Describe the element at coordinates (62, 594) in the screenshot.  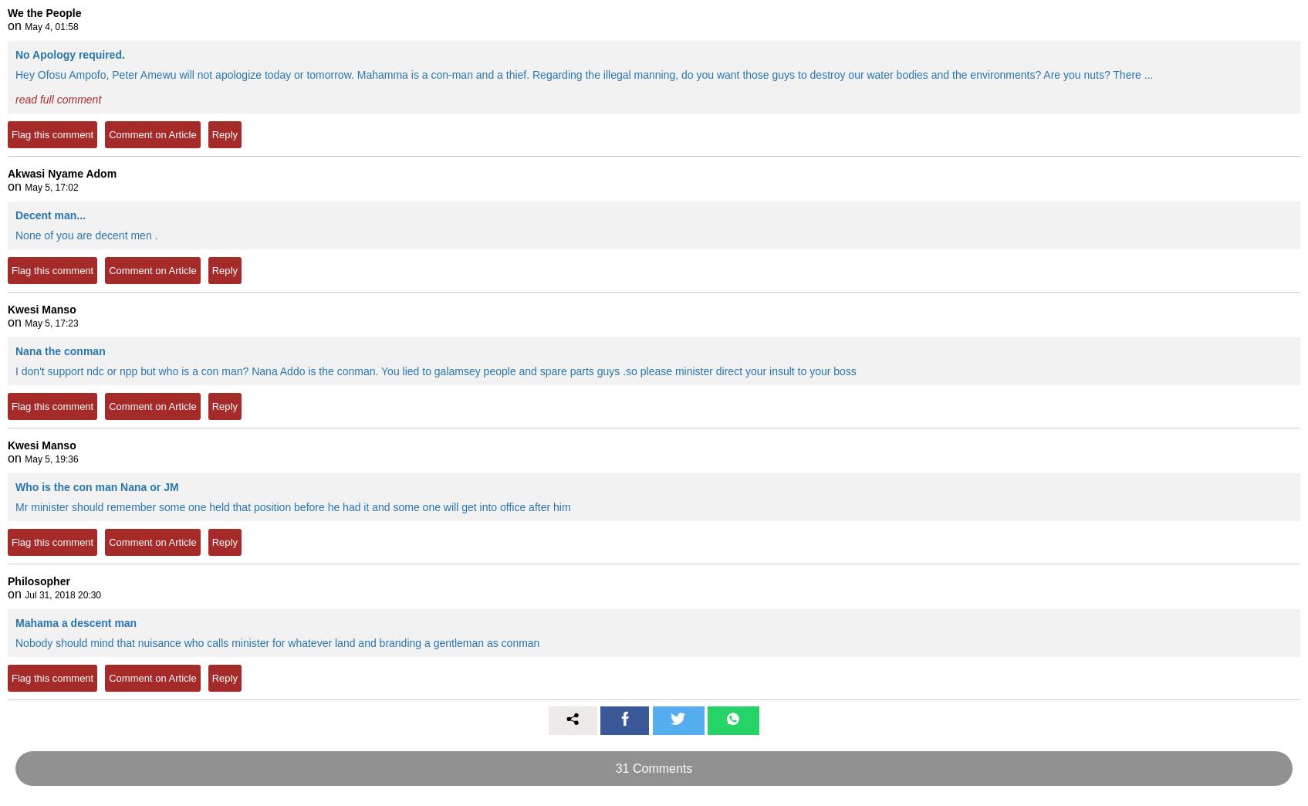
I see `'Jul 31, 2018 20:30'` at that location.